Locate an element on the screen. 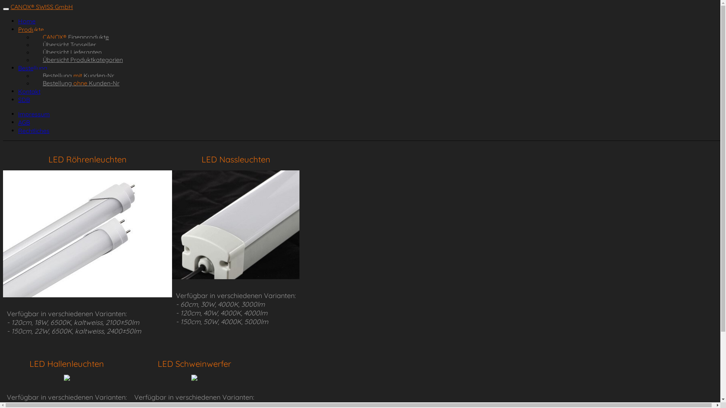 This screenshot has width=726, height=408. 'Bestellung mit Kunden-Nr' is located at coordinates (78, 76).